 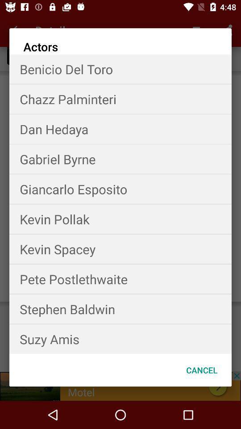 I want to click on icon at the bottom right corner, so click(x=202, y=370).